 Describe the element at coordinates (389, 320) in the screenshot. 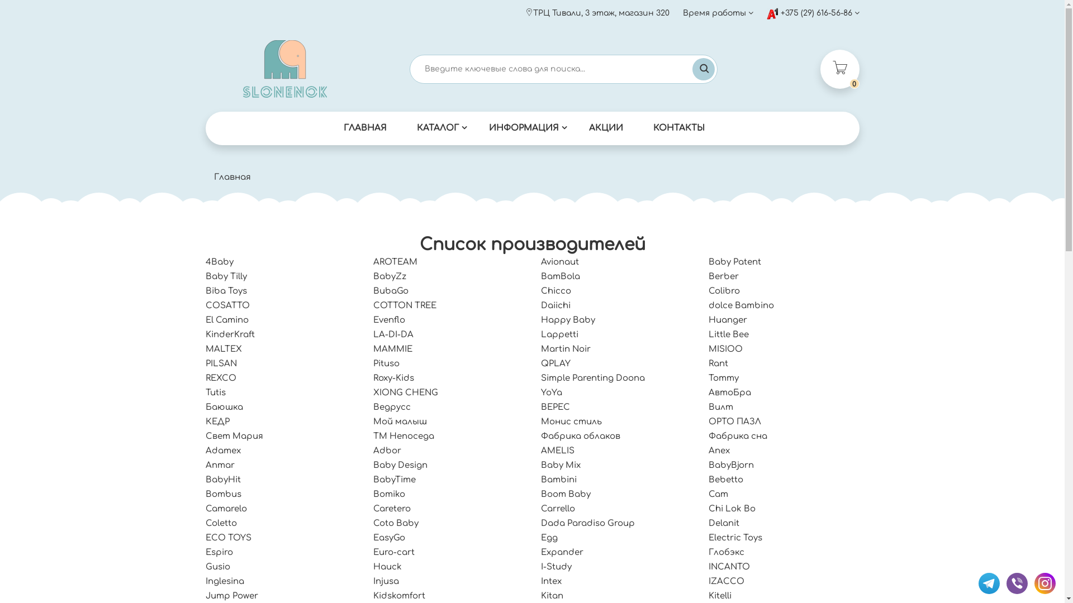

I see `'Evenflo'` at that location.